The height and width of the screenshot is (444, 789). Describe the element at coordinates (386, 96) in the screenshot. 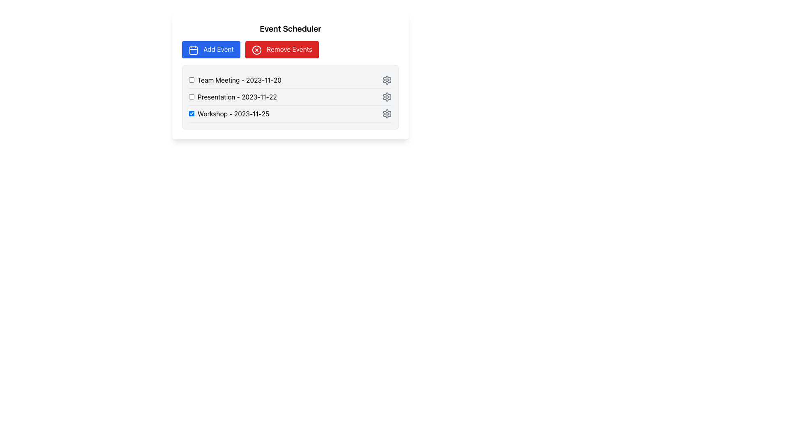

I see `the gear-like icon button located on the far right side of the row containing the text 'Presentation - 2023-11-22'` at that location.